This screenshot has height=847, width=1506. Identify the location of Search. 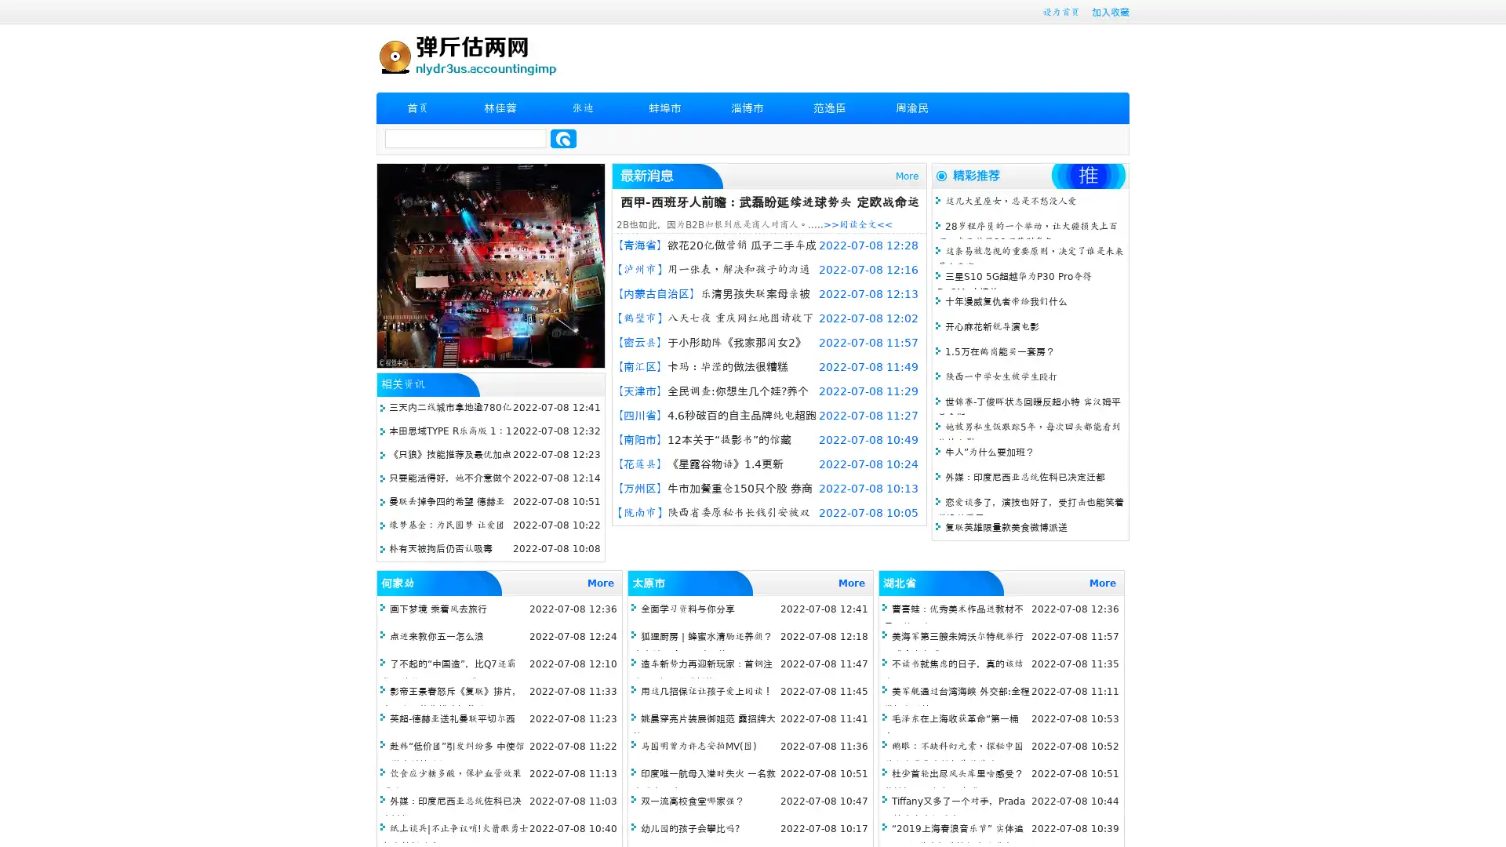
(563, 138).